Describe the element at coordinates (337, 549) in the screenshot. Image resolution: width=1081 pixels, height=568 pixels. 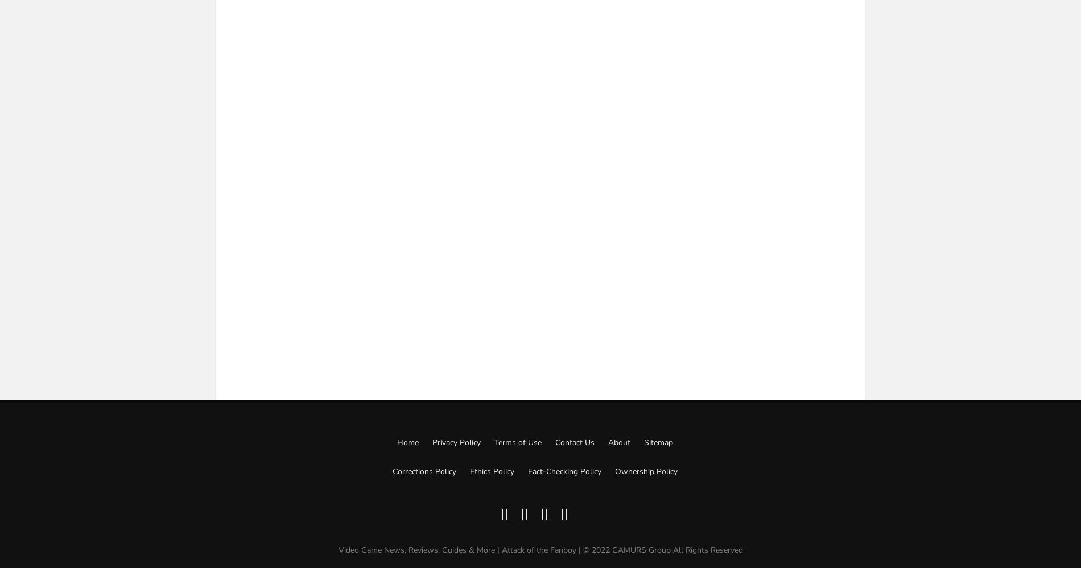
I see `'Video Game News, Reviews, Guides & More | Attack of the Fanboy | © 2022 GAMURS Group All Rights Reserved'` at that location.